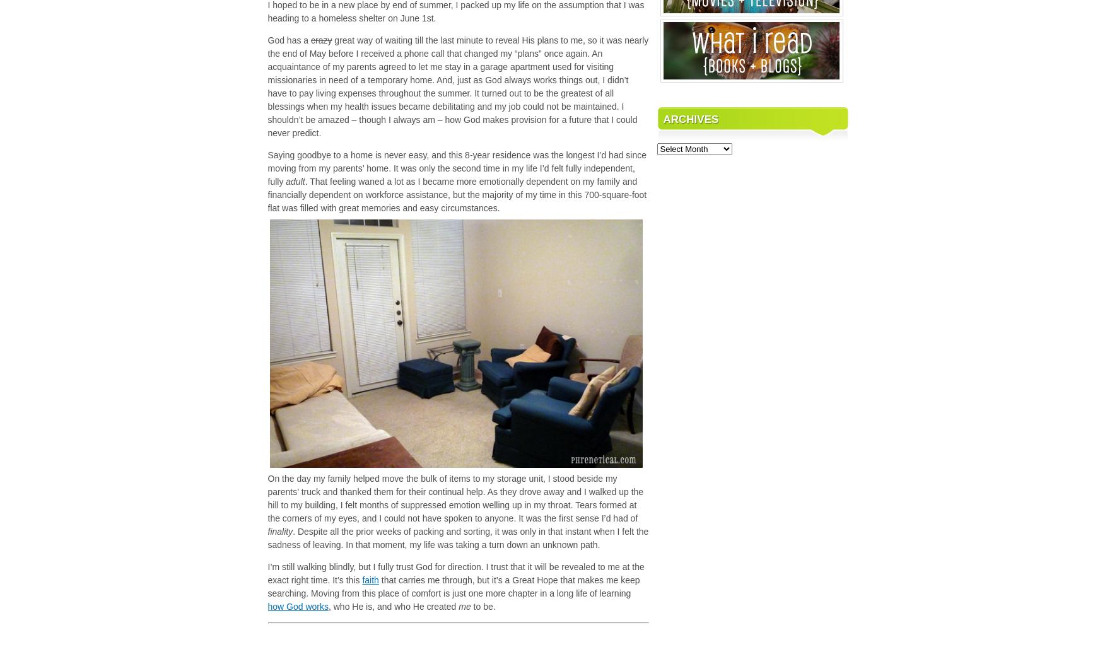  What do you see at coordinates (289, 38) in the screenshot?
I see `'God has a'` at bounding box center [289, 38].